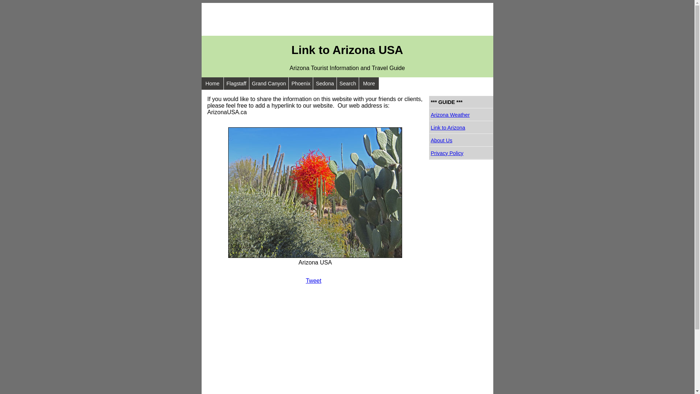 The width and height of the screenshot is (700, 394). What do you see at coordinates (313, 83) in the screenshot?
I see `'Sedona'` at bounding box center [313, 83].